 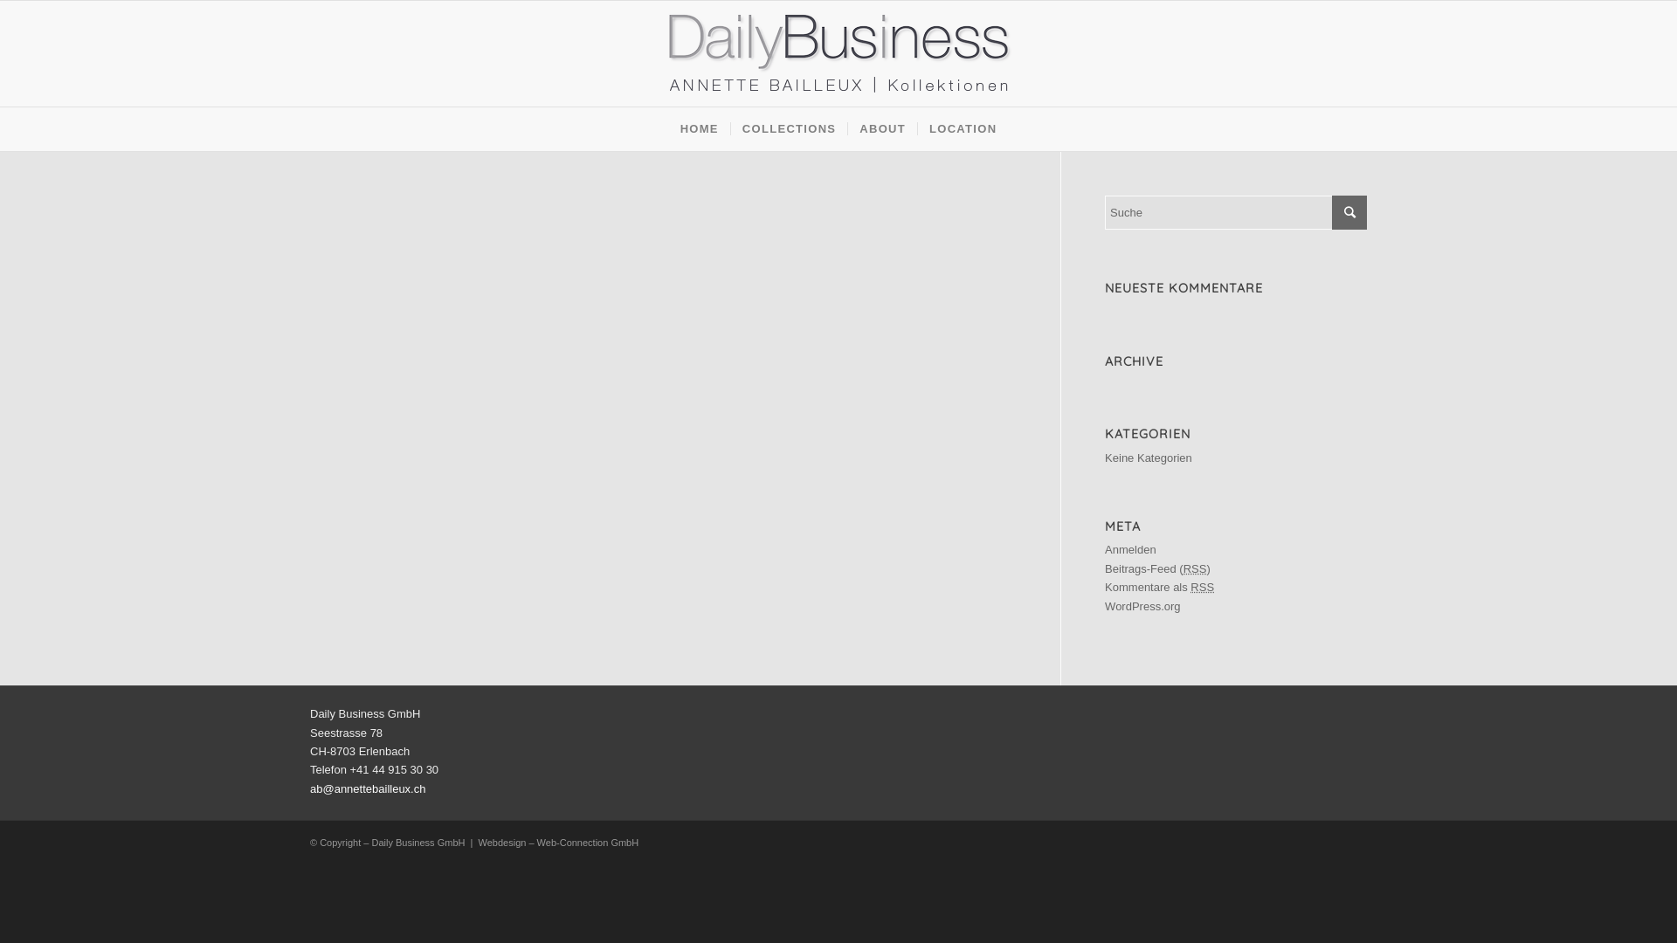 What do you see at coordinates (1130, 548) in the screenshot?
I see `'Anmelden'` at bounding box center [1130, 548].